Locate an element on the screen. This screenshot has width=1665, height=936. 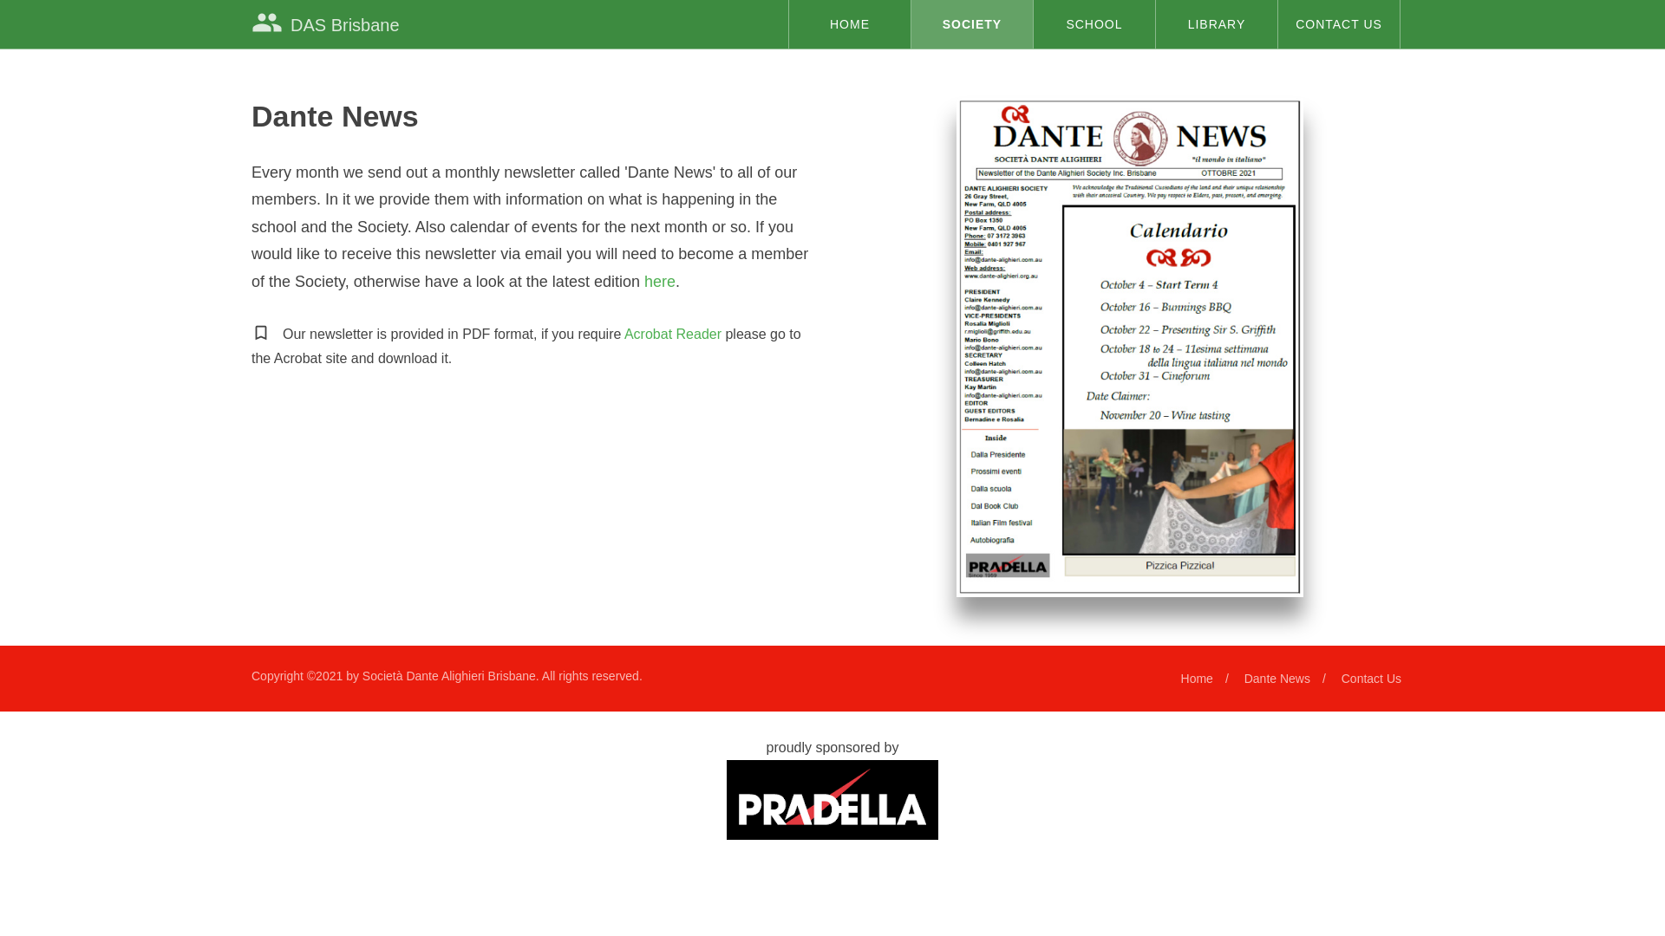
'SCHOOL' is located at coordinates (1094, 23).